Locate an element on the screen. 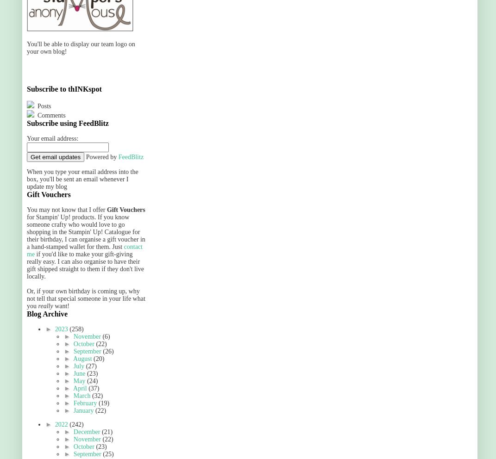  'Powered by' is located at coordinates (83, 156).